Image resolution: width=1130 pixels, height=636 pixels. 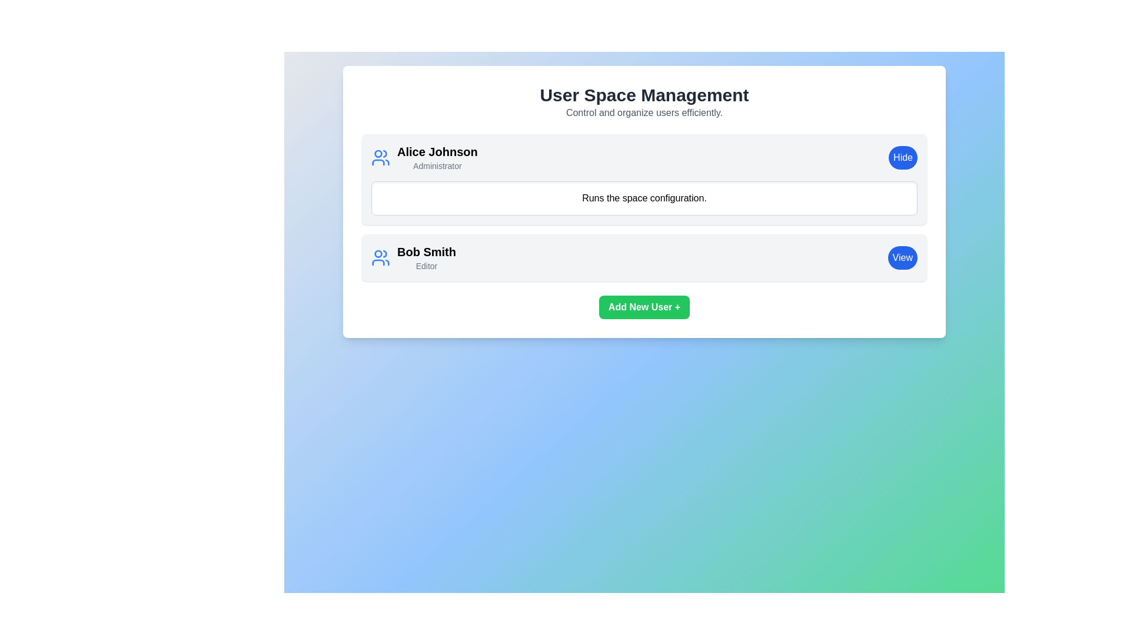 What do you see at coordinates (424, 157) in the screenshot?
I see `the User Profile Summary element, which displays the user's name and role, located in the top-left quadrant of the user list, specifically the first profile entry` at bounding box center [424, 157].